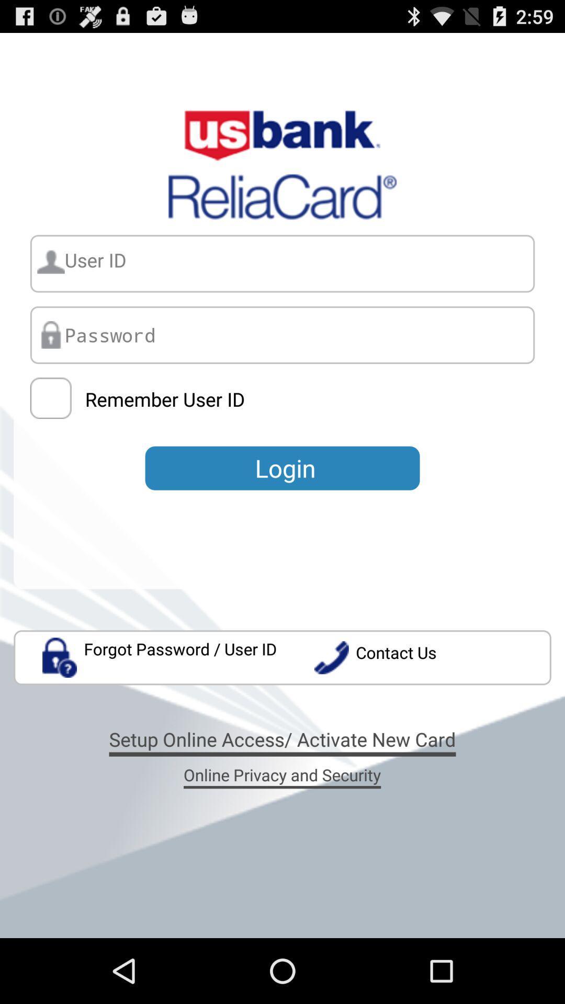 The width and height of the screenshot is (565, 1004). I want to click on item to the right of forgot password user app, so click(432, 657).